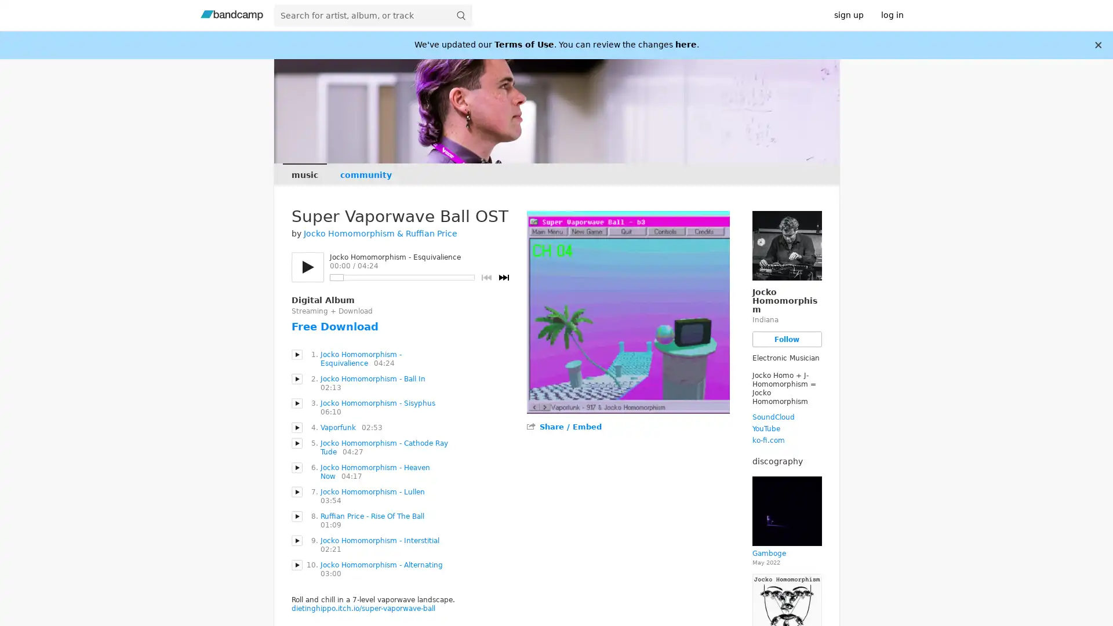  Describe the element at coordinates (460, 15) in the screenshot. I see `submit for full search page` at that location.